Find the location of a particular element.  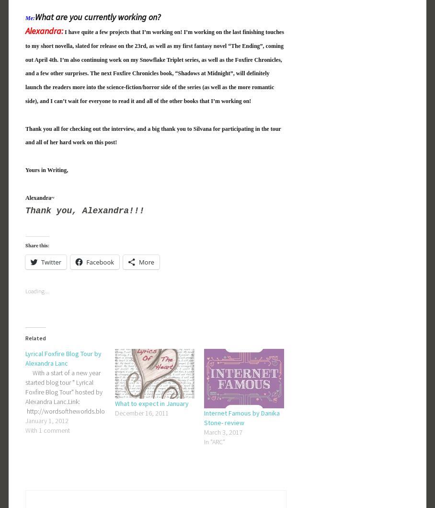

'Share this:' is located at coordinates (36, 245).